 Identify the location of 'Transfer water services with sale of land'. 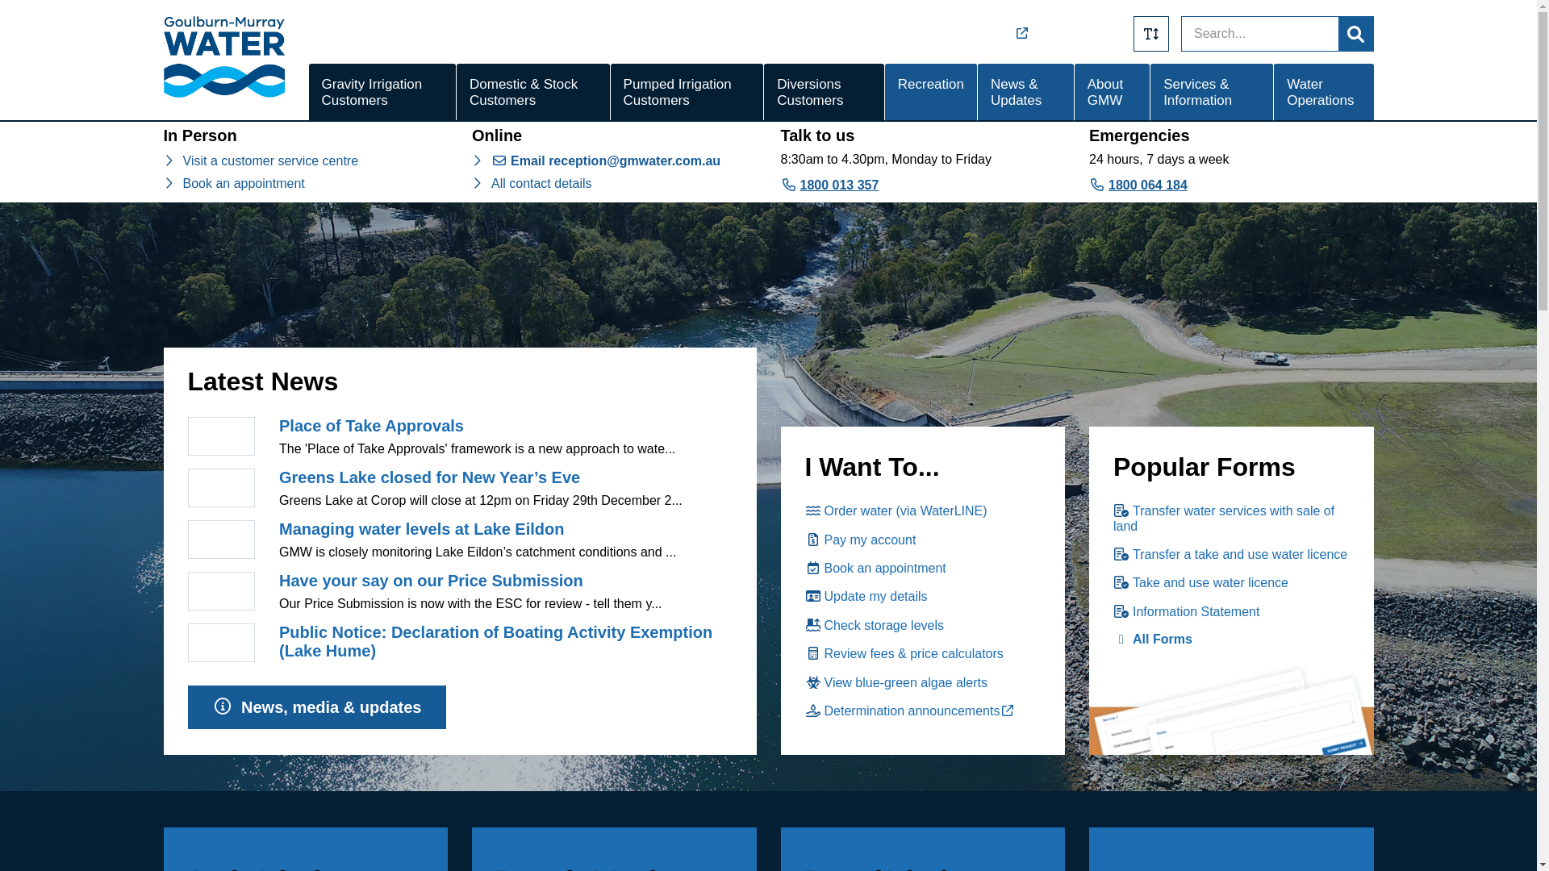
(1223, 518).